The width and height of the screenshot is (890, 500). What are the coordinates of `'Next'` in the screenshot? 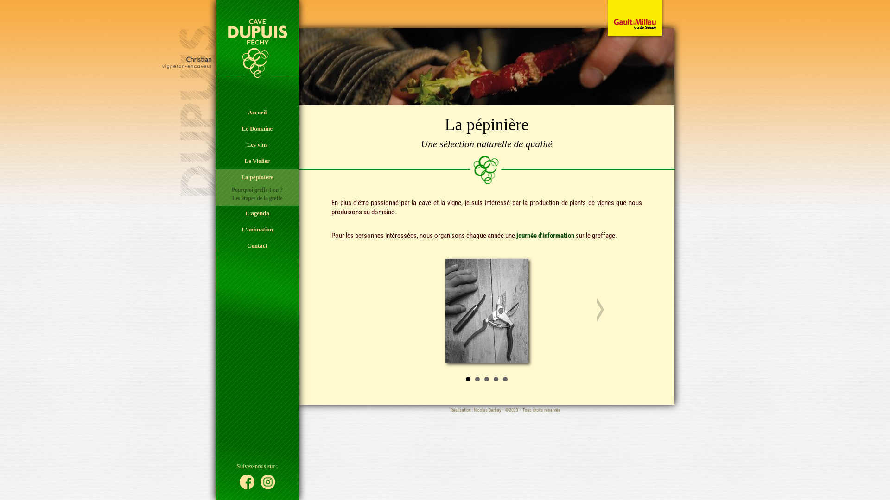 It's located at (596, 309).